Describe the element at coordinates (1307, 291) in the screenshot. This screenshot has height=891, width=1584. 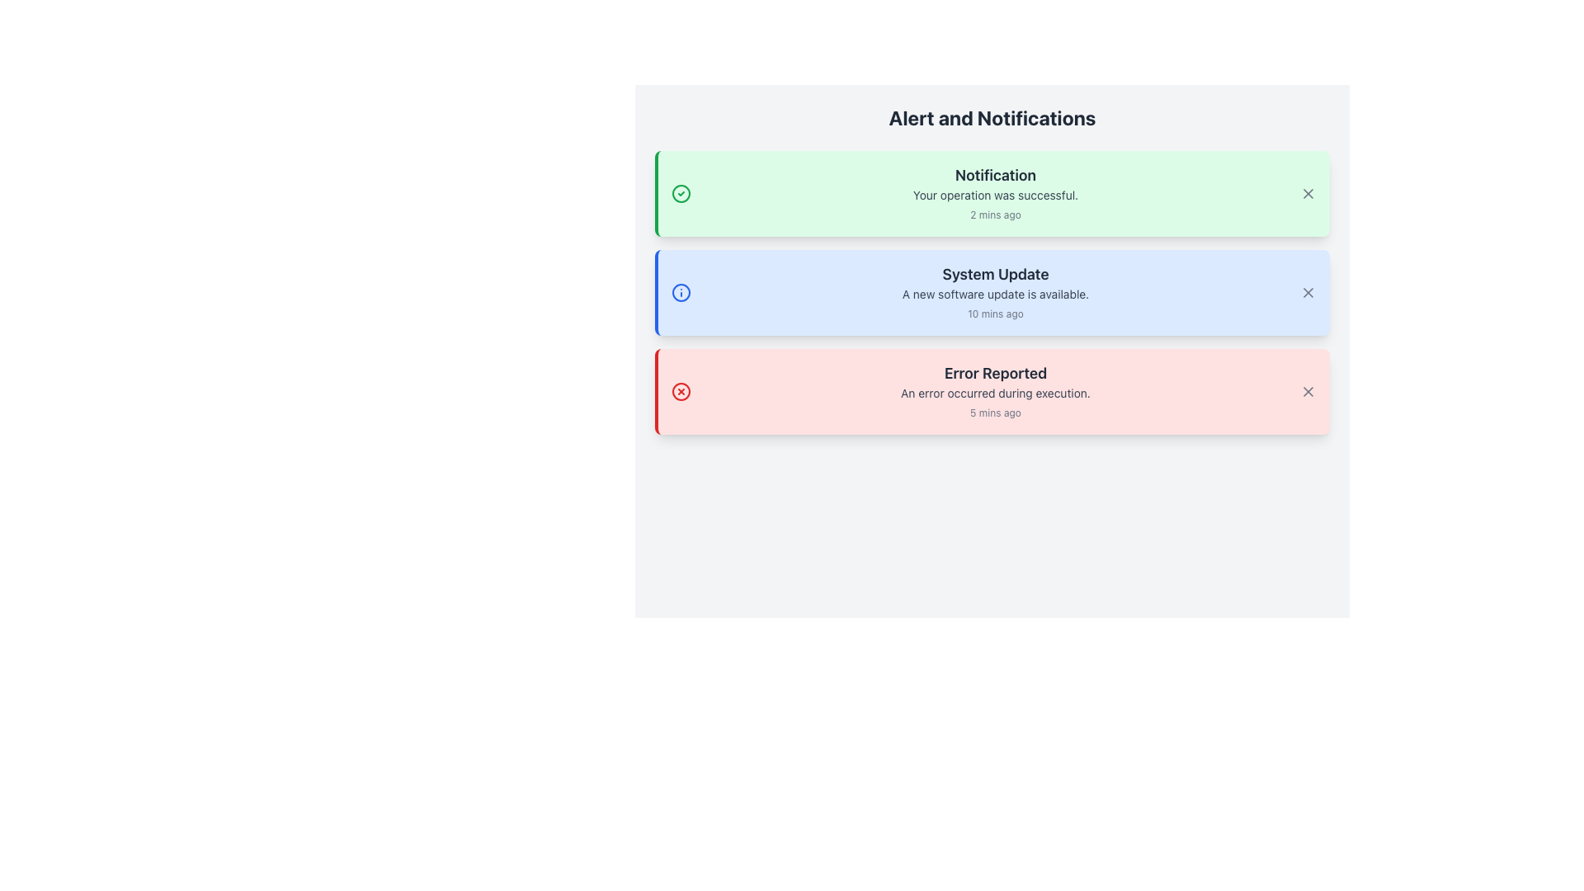
I see `the close or dismiss button located at the rightmost edge of the 'System Update' notification bar, which is an SVG element` at that location.